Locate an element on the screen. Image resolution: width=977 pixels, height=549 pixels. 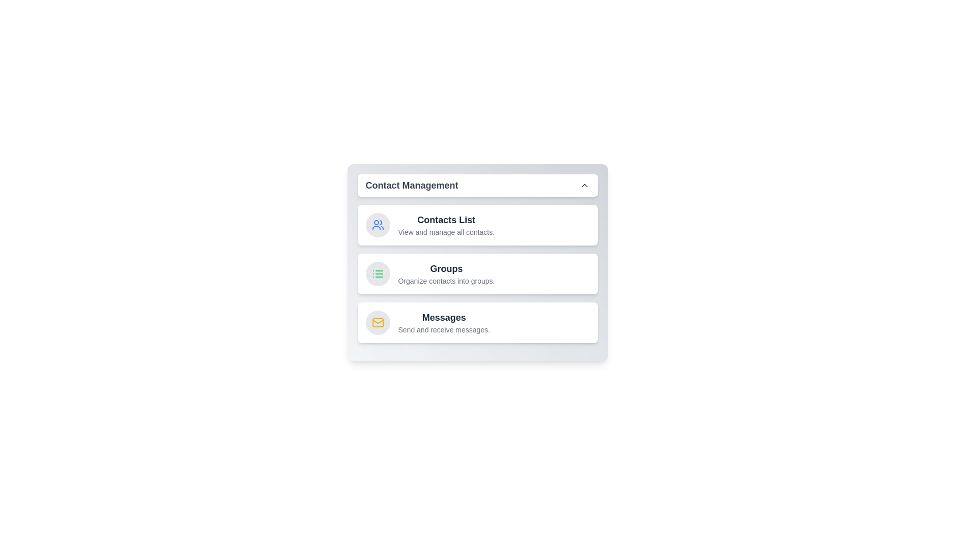
header button to toggle the menu visibility is located at coordinates (477, 186).